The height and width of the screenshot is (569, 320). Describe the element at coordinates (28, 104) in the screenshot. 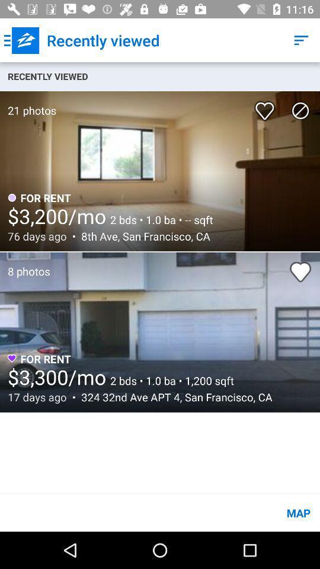

I see `the 21 photos` at that location.